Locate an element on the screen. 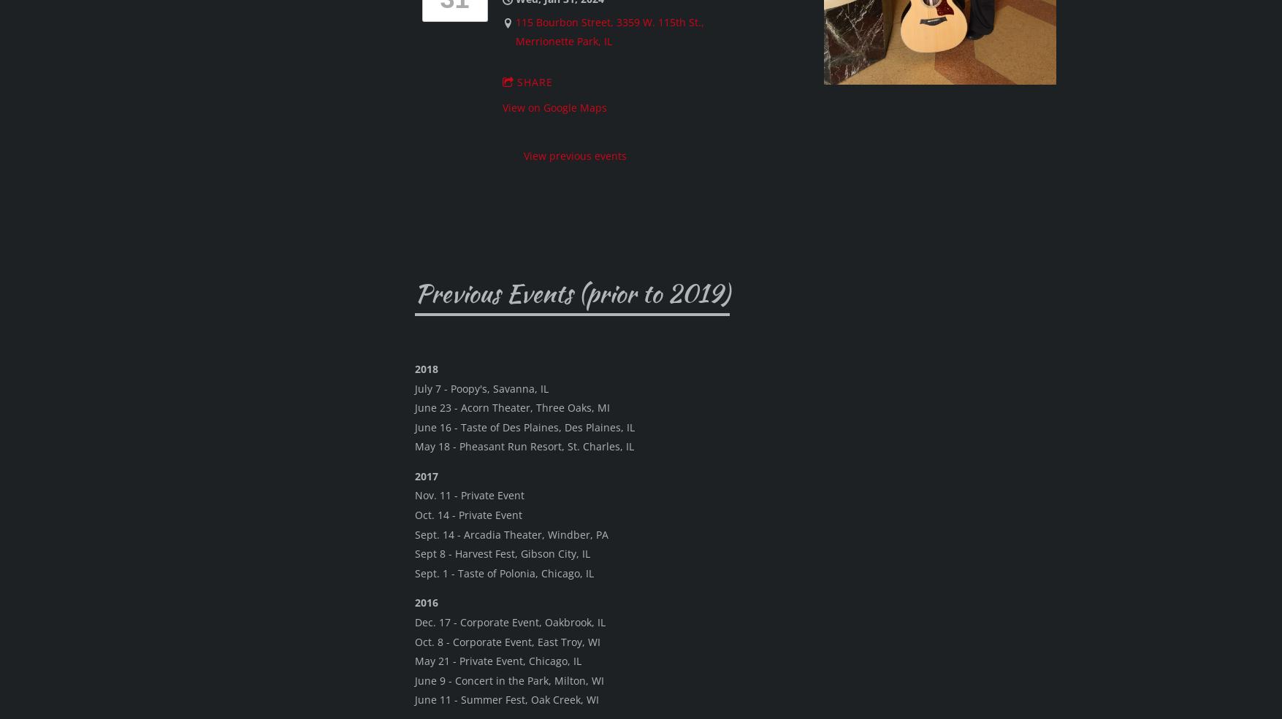 This screenshot has width=1282, height=719. 'Northbrook Days, Northbrook, IL' is located at coordinates (534, 569).